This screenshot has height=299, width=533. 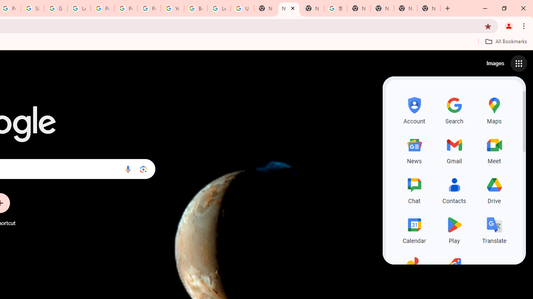 I want to click on 'Gmail, row 2 of 5 and column 2 of 3 in the first section', so click(x=454, y=149).